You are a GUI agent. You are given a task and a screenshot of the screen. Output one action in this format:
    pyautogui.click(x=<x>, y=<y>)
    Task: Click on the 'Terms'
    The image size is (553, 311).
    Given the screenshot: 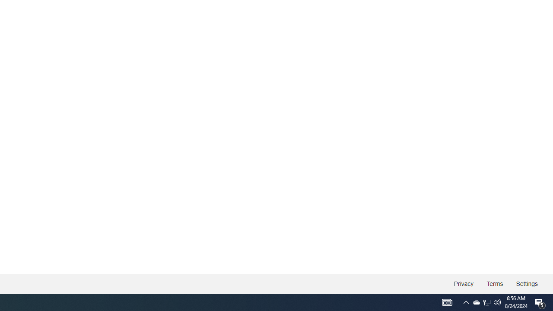 What is the action you would take?
    pyautogui.click(x=495, y=284)
    